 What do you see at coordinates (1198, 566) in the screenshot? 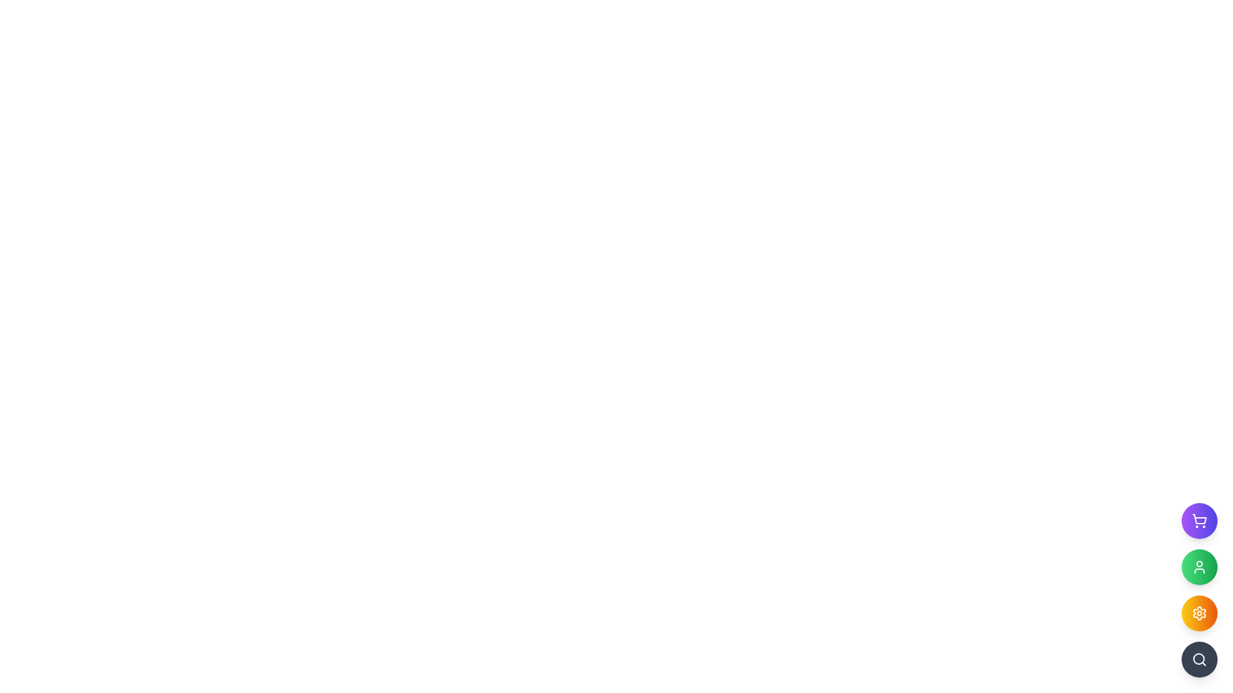
I see `the user profile icon located within the circular button` at bounding box center [1198, 566].